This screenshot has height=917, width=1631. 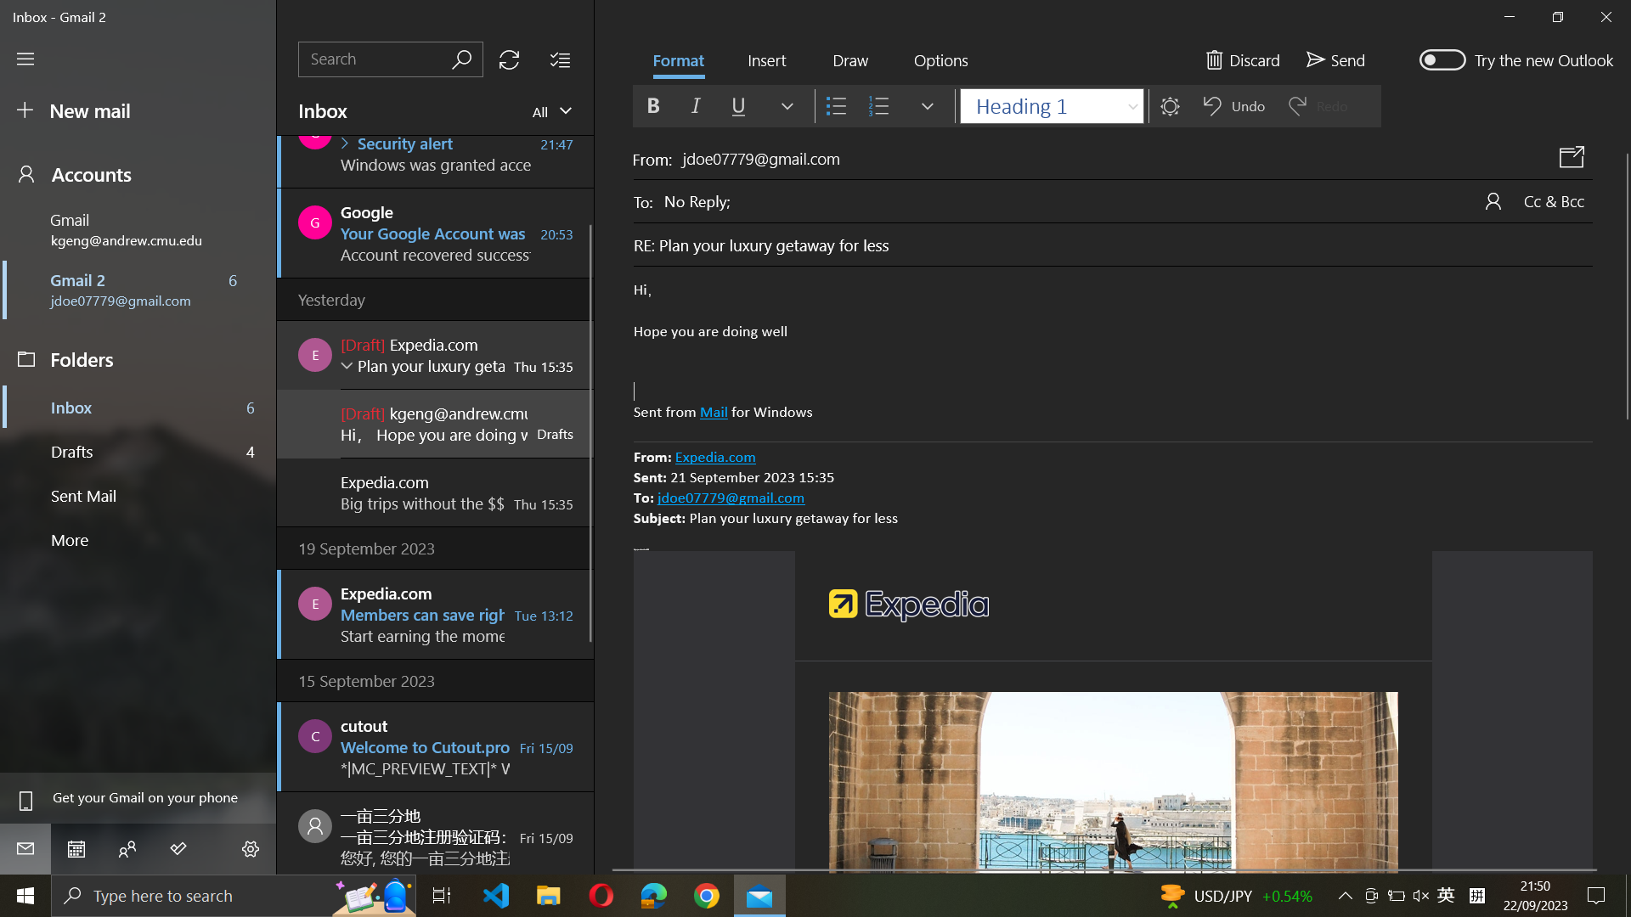 What do you see at coordinates (136, 111) in the screenshot?
I see `Start drafting a new email` at bounding box center [136, 111].